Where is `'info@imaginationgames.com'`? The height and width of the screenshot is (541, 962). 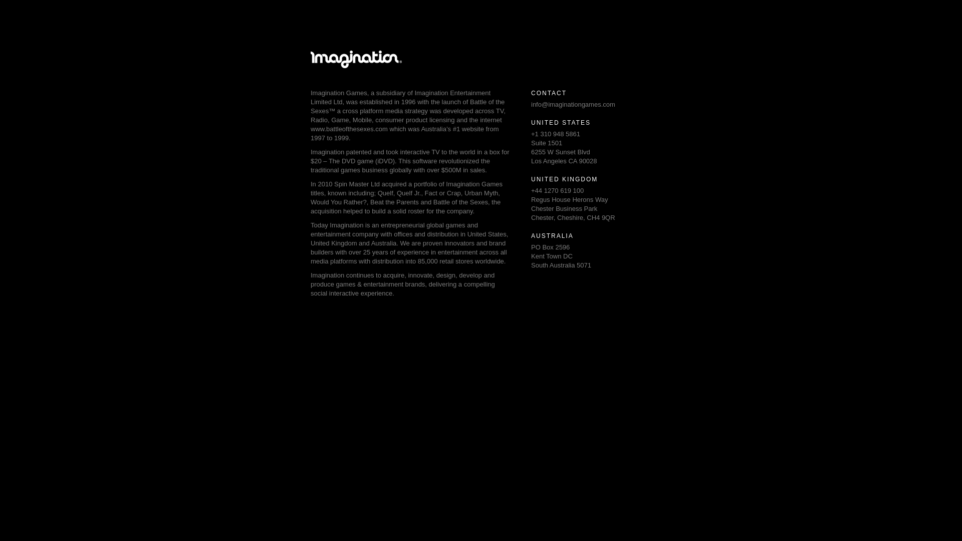 'info@imaginationgames.com' is located at coordinates (573, 104).